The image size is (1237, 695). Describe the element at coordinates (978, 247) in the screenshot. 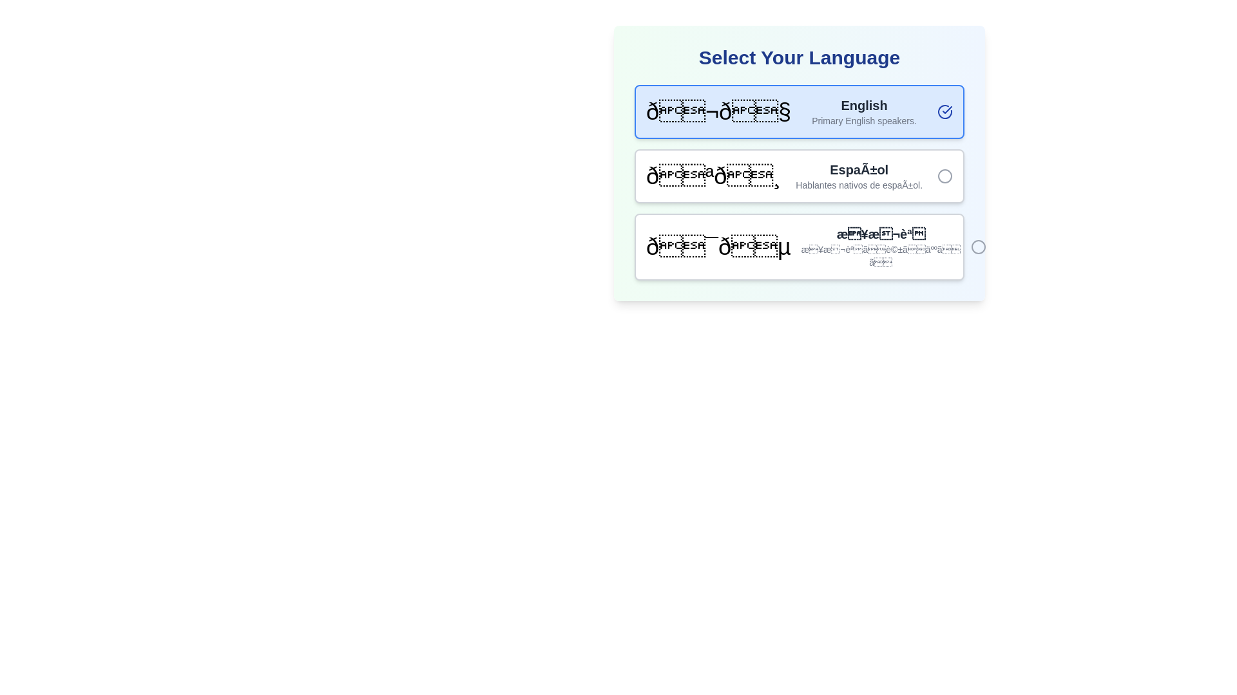

I see `the circular radio button located at the bottom-most option of the 'Select Your Language' section to possibly reveal additional information` at that location.